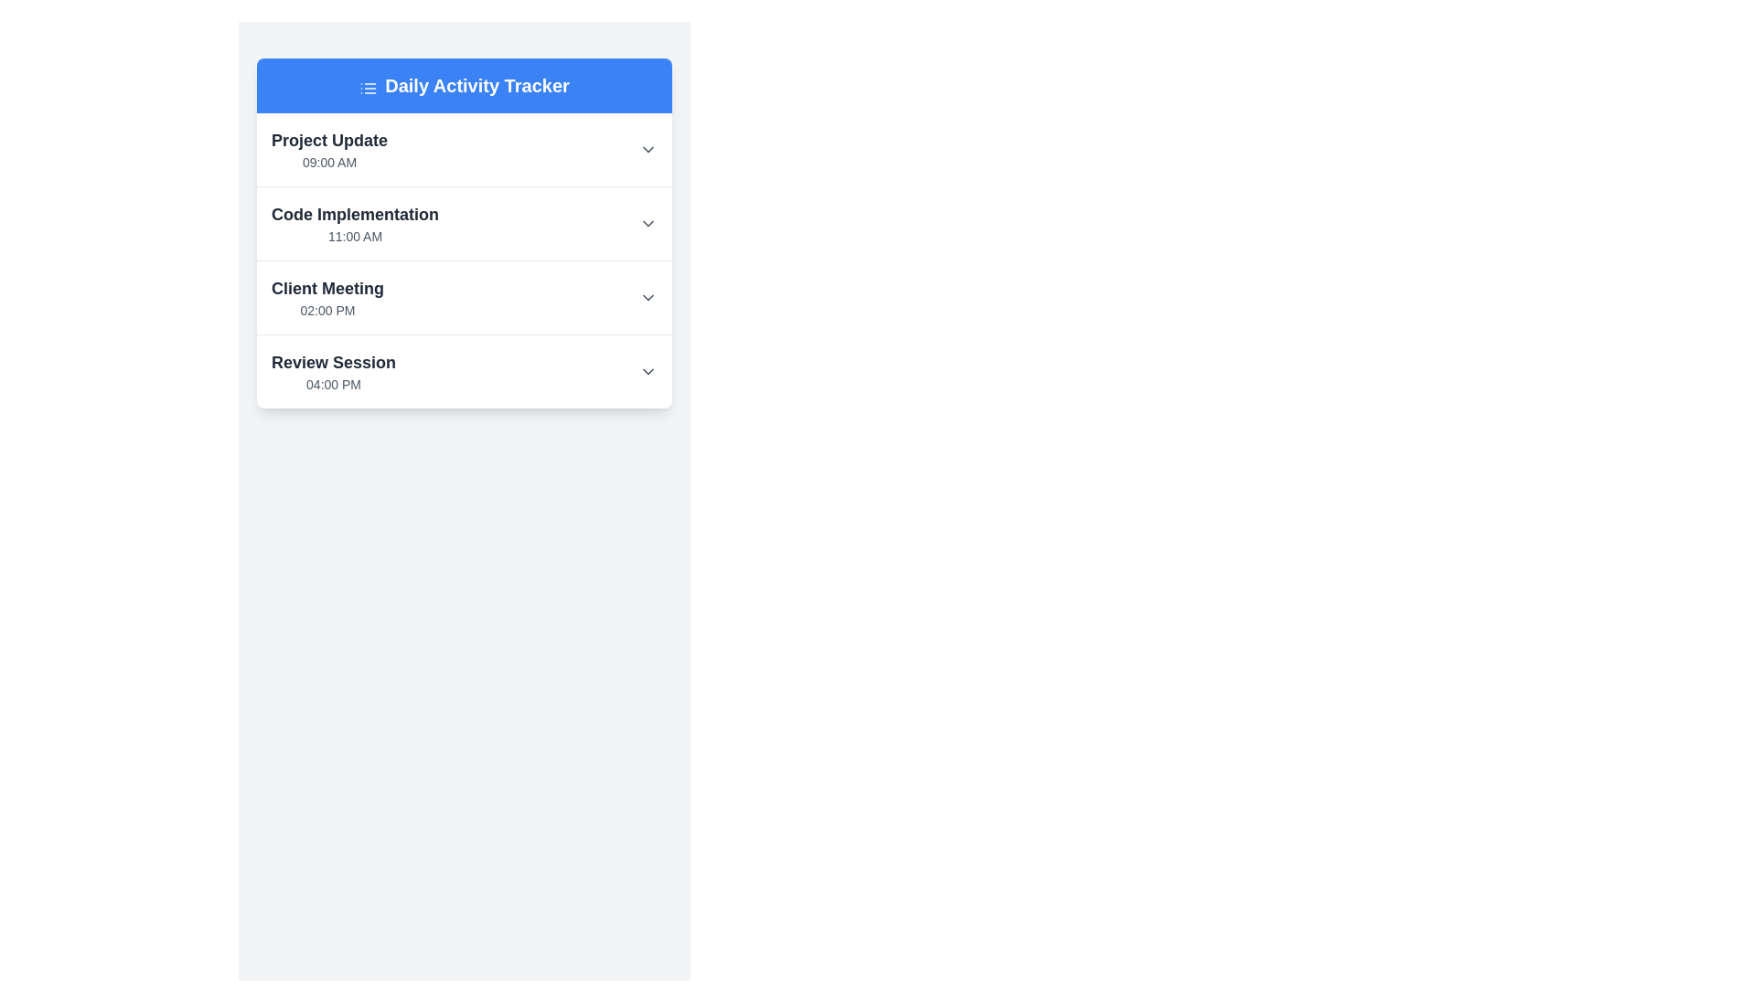 The image size is (1756, 987). What do you see at coordinates (329, 161) in the screenshot?
I see `the Text label displaying the time, which is styled in light gray and positioned below the 'Project Update' title in the first card of the list` at bounding box center [329, 161].